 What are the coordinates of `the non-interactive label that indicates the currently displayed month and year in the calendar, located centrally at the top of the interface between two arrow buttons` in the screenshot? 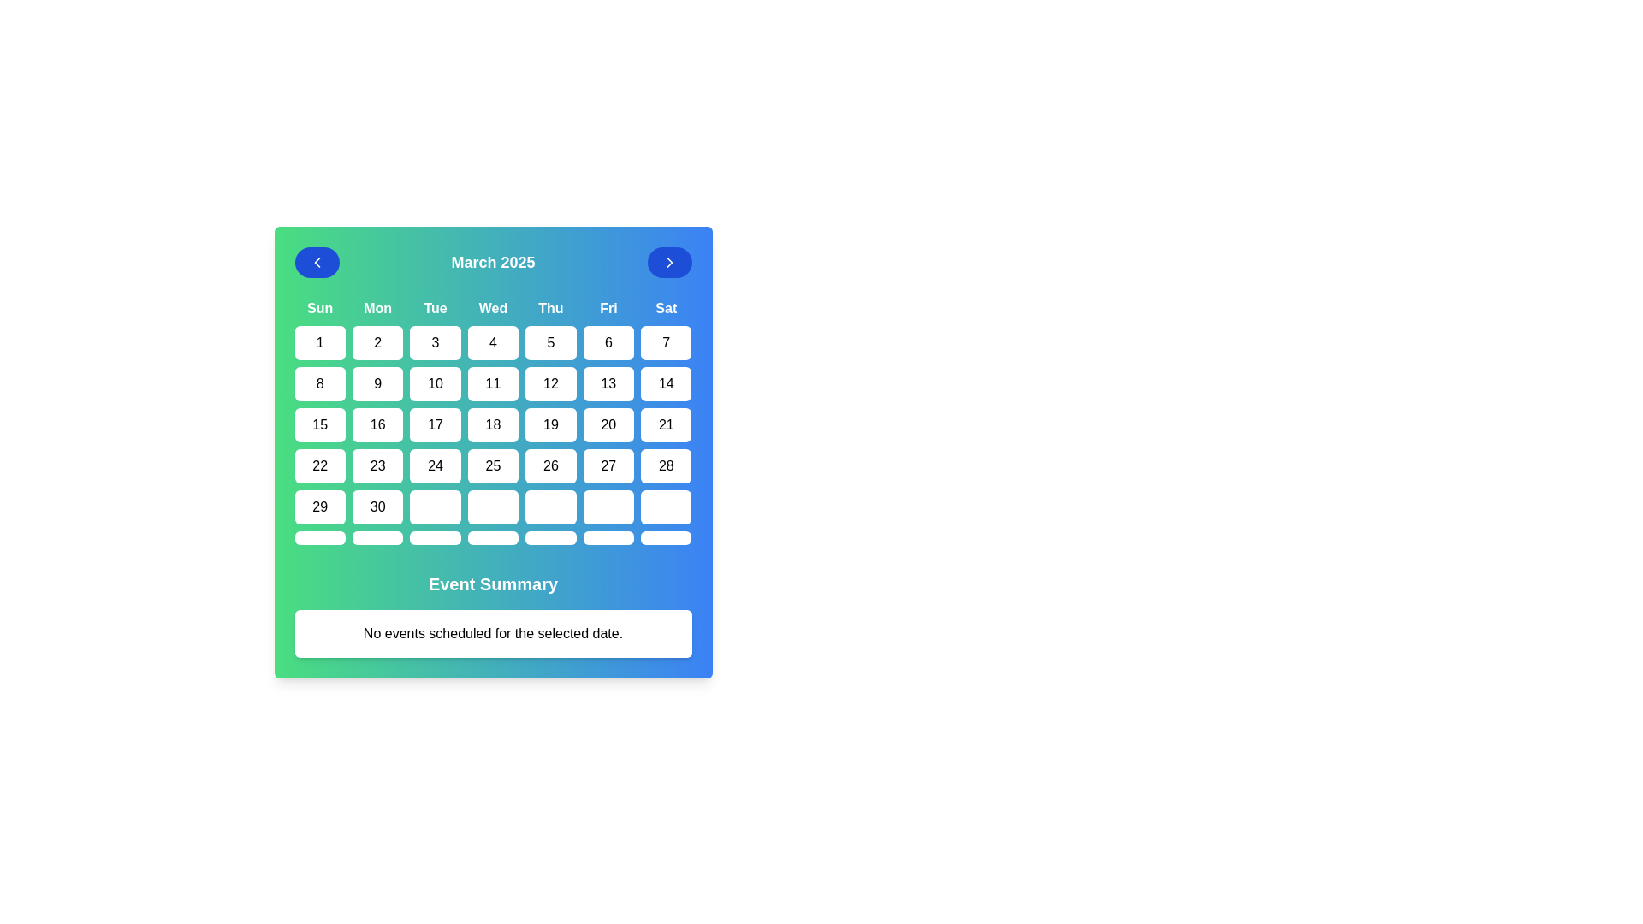 It's located at (492, 263).